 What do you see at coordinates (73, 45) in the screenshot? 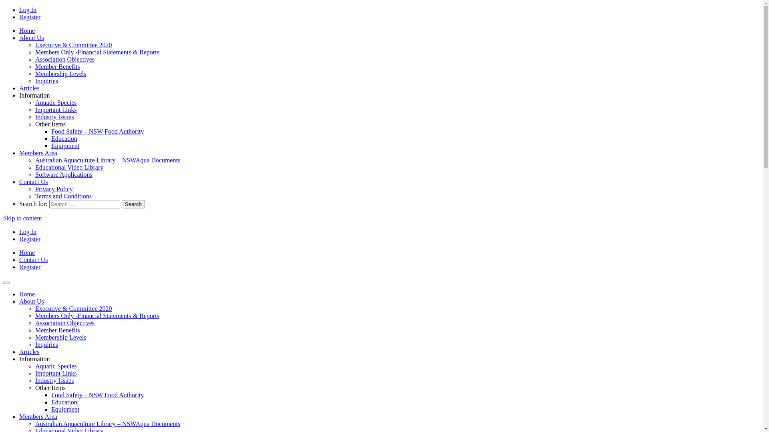
I see `'Executive & Committee 2020'` at bounding box center [73, 45].